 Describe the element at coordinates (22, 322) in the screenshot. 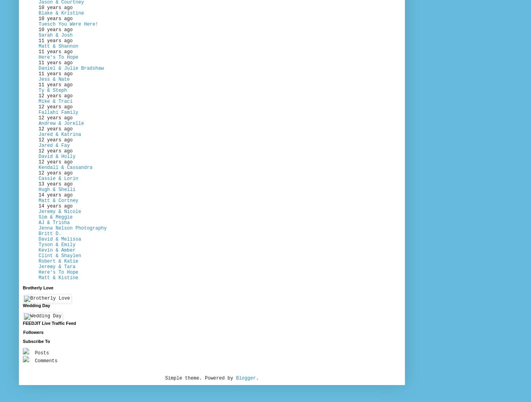

I see `'FEEDJIT Live Traffic Feed'` at that location.